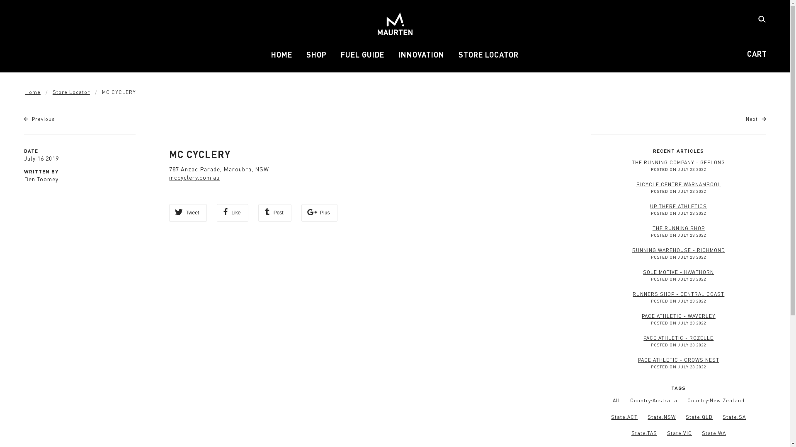 The height and width of the screenshot is (447, 796). What do you see at coordinates (661, 417) in the screenshot?
I see `'State:NSW'` at bounding box center [661, 417].